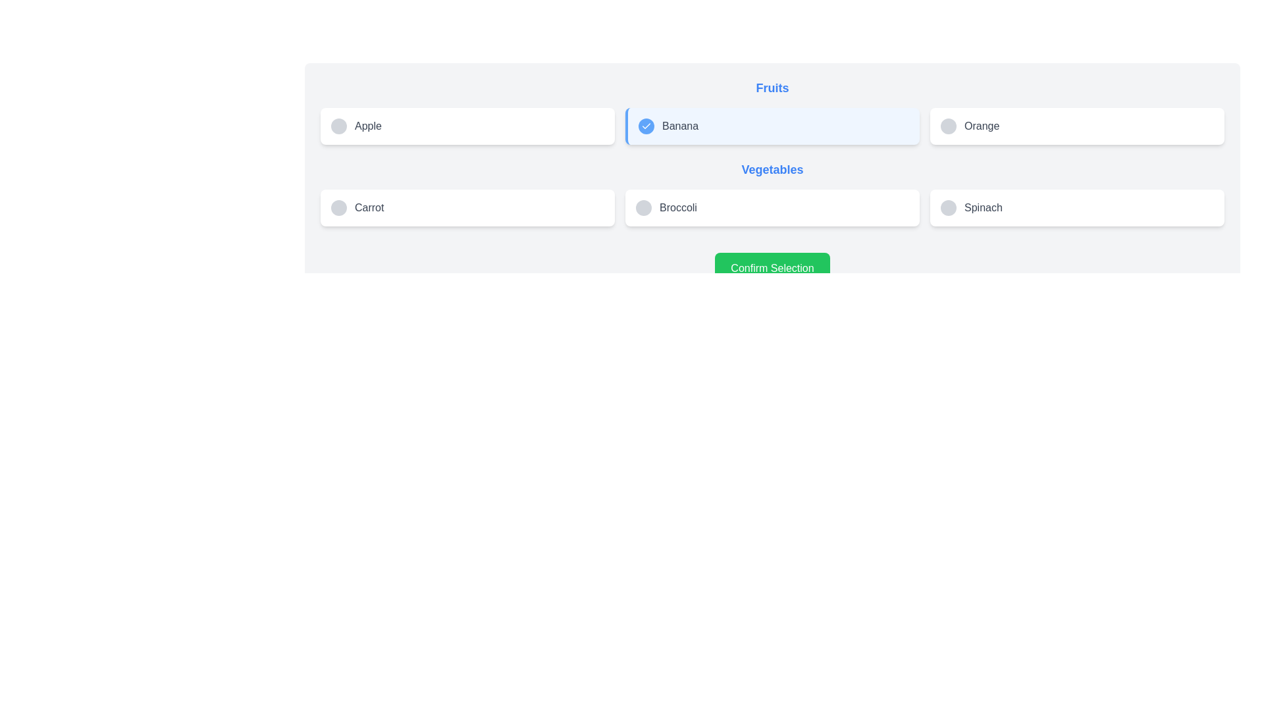  What do you see at coordinates (646, 126) in the screenshot?
I see `the circular Indicator icon that visually confirms the selection status of the 'Banana' card, located in the upper-left region of the card near its left border` at bounding box center [646, 126].